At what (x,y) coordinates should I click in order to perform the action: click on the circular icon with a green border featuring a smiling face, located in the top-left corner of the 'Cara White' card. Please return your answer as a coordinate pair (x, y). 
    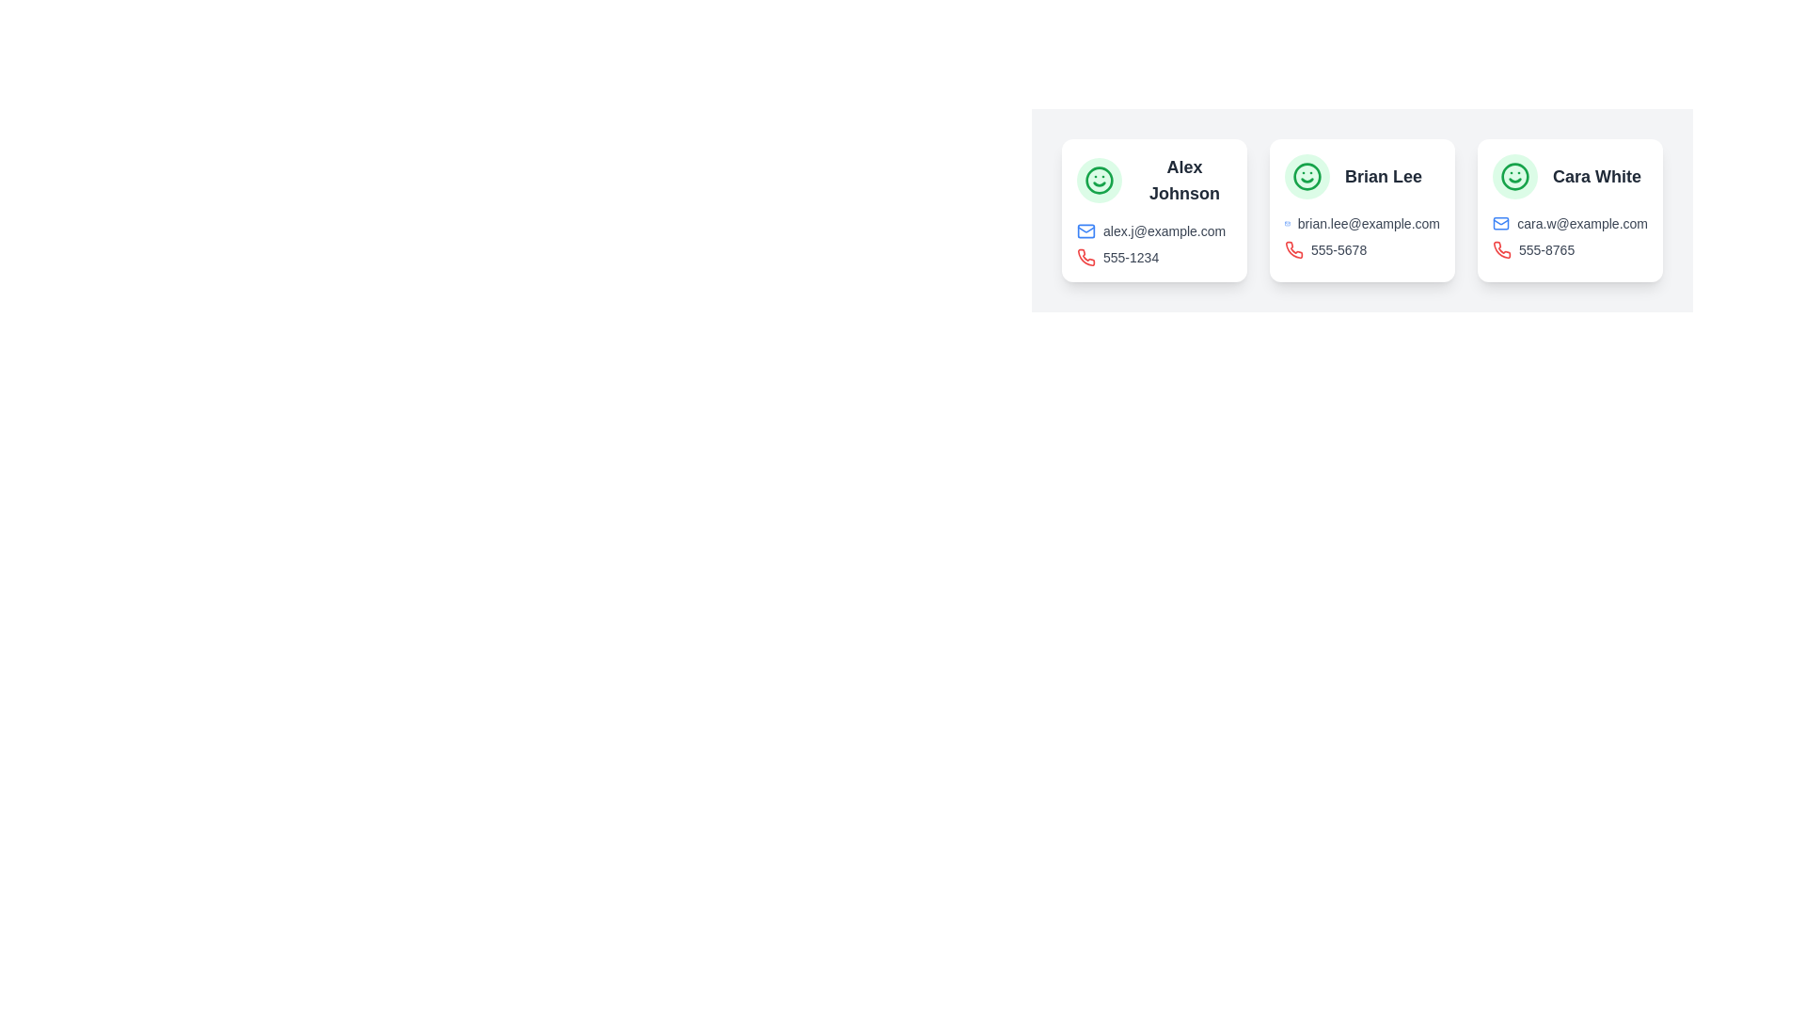
    Looking at the image, I should click on (1307, 177).